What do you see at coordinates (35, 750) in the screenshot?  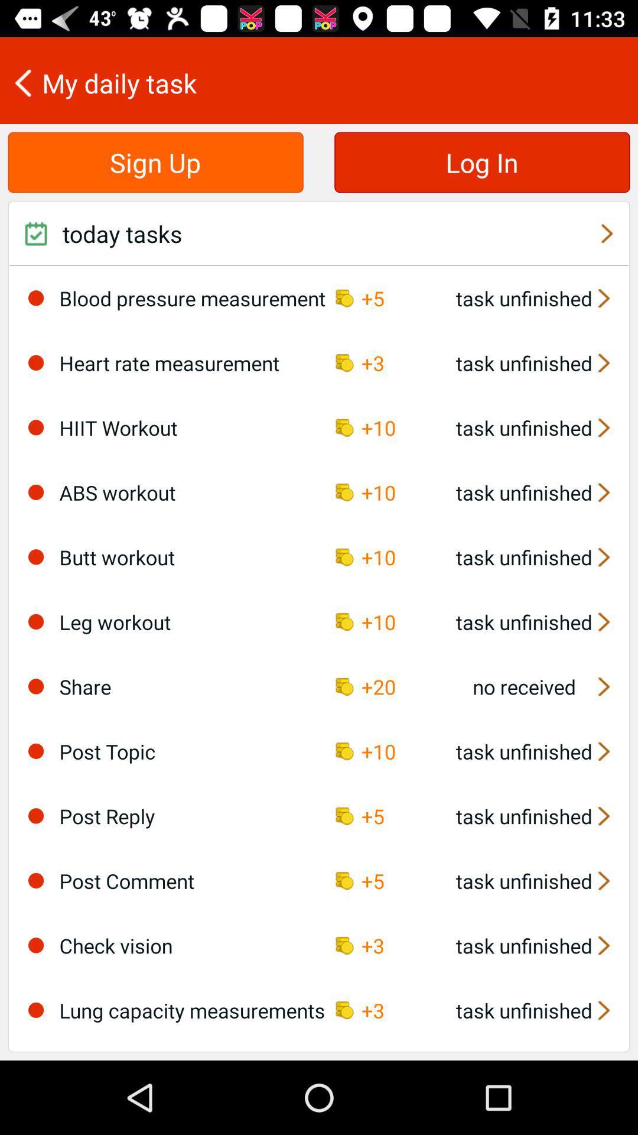 I see `the icon to the left of post topic item` at bounding box center [35, 750].